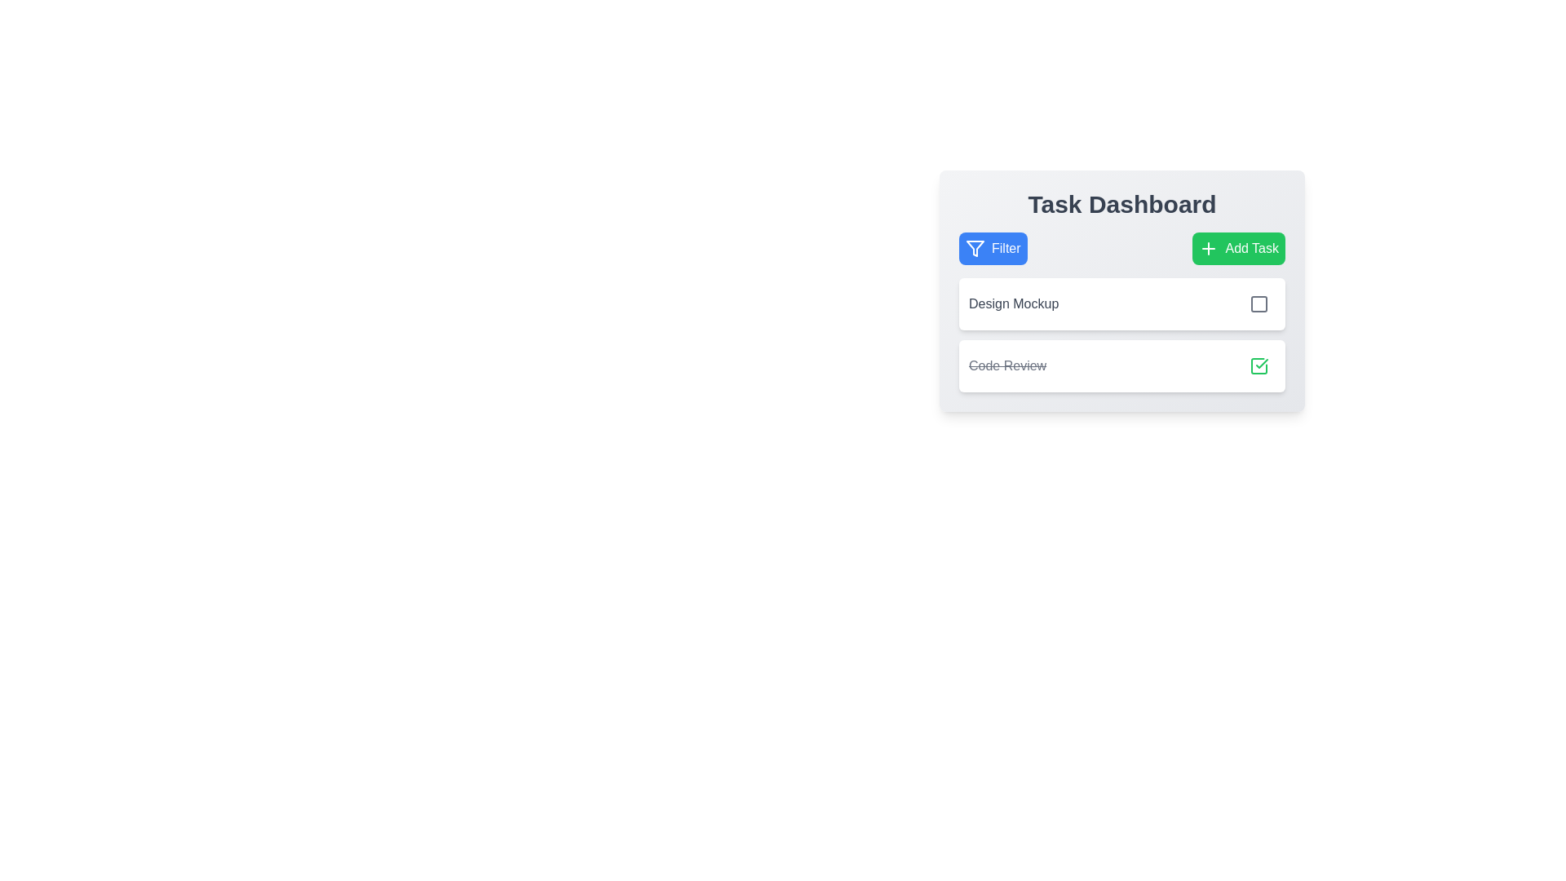 The width and height of the screenshot is (1566, 881). I want to click on the blue-colored filter icon resembling a funnel located within the 'Filter' button at the top-left corner of the task dashboard interface, so click(975, 248).